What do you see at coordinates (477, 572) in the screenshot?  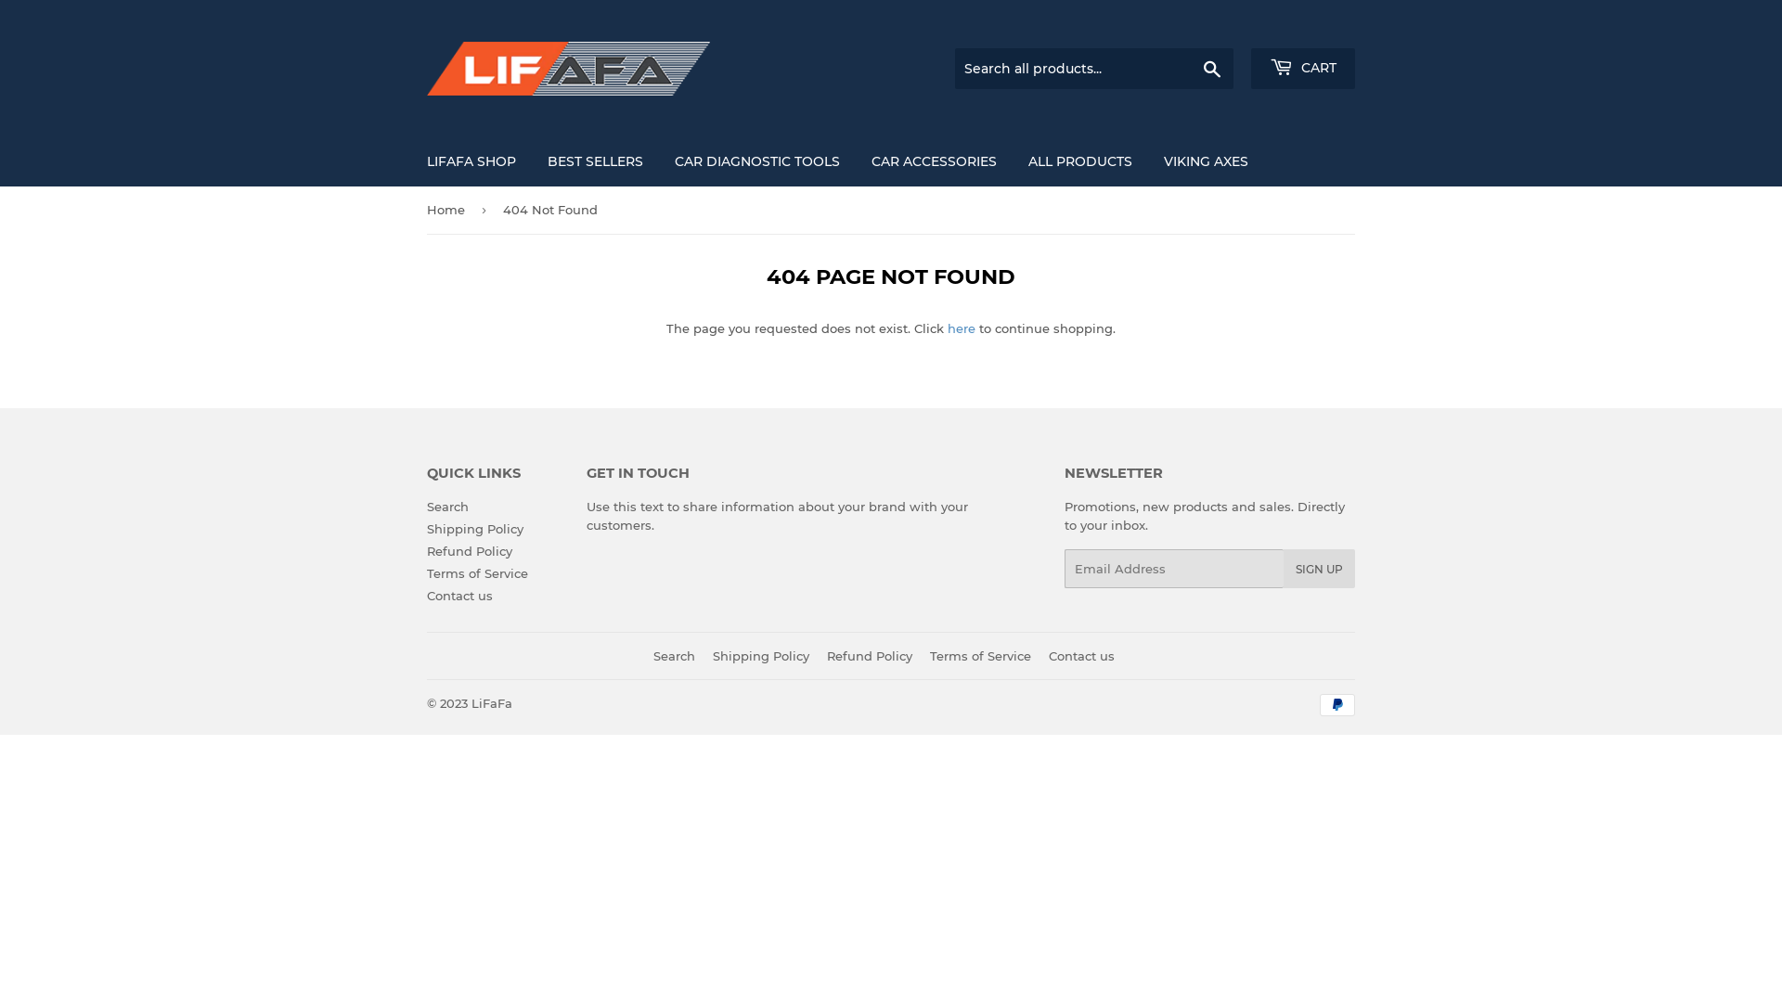 I see `'Terms of Service'` at bounding box center [477, 572].